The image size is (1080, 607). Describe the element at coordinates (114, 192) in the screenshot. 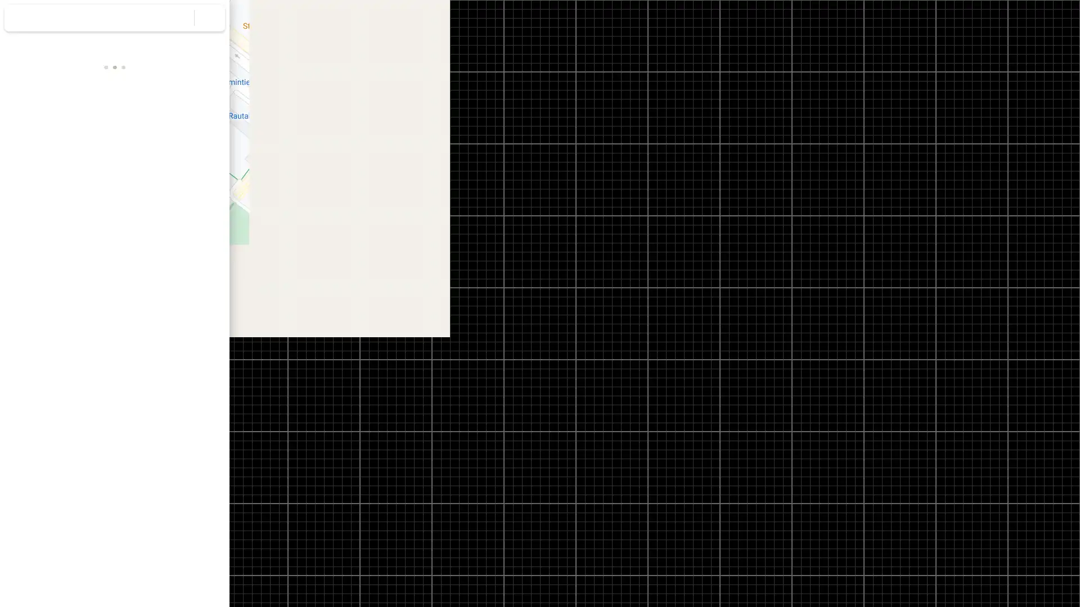

I see `Search nearby Elimaenkatu 27` at that location.